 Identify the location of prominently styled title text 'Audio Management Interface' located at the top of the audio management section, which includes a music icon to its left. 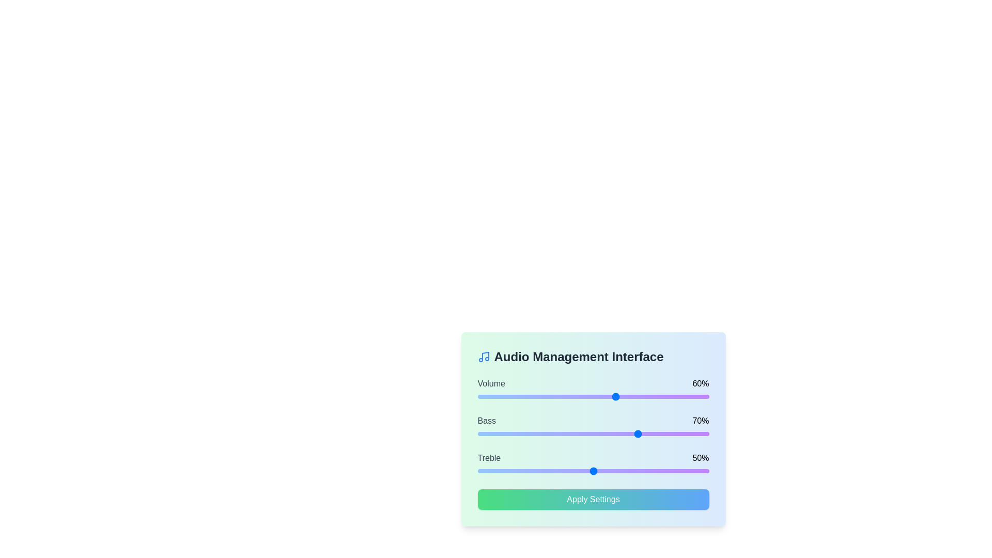
(593, 356).